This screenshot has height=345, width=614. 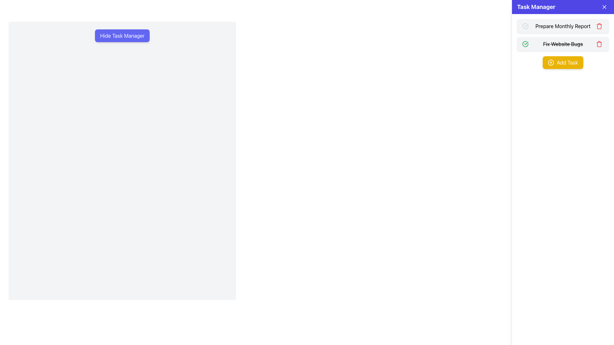 What do you see at coordinates (563, 26) in the screenshot?
I see `the Static Text Label displaying 'Prepare Monthly Report', which is the first item in the task list under 'Task Manager' on the right-hand side of the interface` at bounding box center [563, 26].